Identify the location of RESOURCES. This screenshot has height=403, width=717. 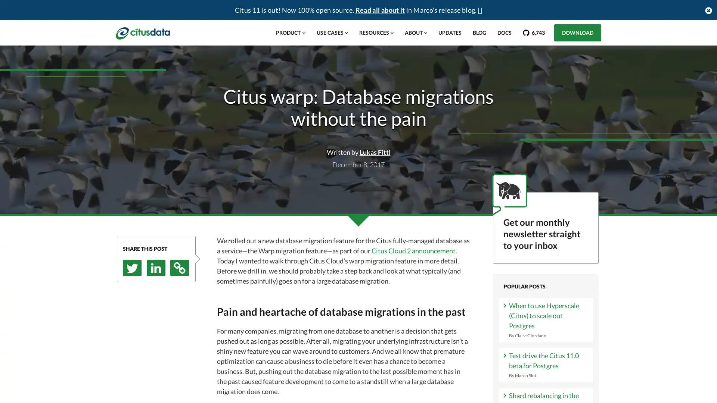
(376, 32).